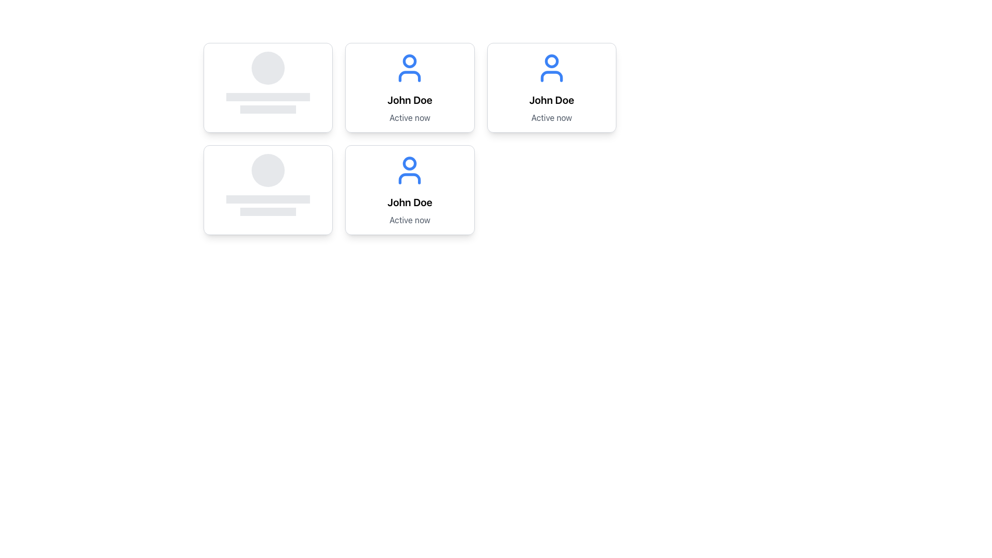  I want to click on the graphical representation of the circular head element in the user icon, which is part of the user profile card for 'John Doe', so click(409, 163).